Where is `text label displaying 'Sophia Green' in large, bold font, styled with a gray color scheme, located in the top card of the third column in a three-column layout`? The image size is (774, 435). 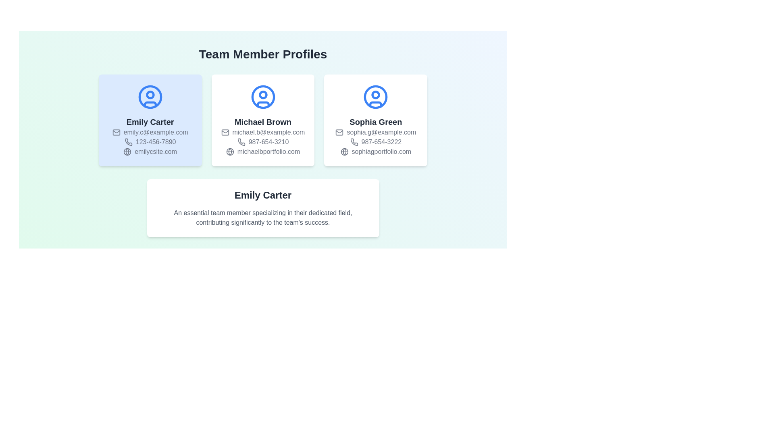
text label displaying 'Sophia Green' in large, bold font, styled with a gray color scheme, located in the top card of the third column in a three-column layout is located at coordinates (375, 122).